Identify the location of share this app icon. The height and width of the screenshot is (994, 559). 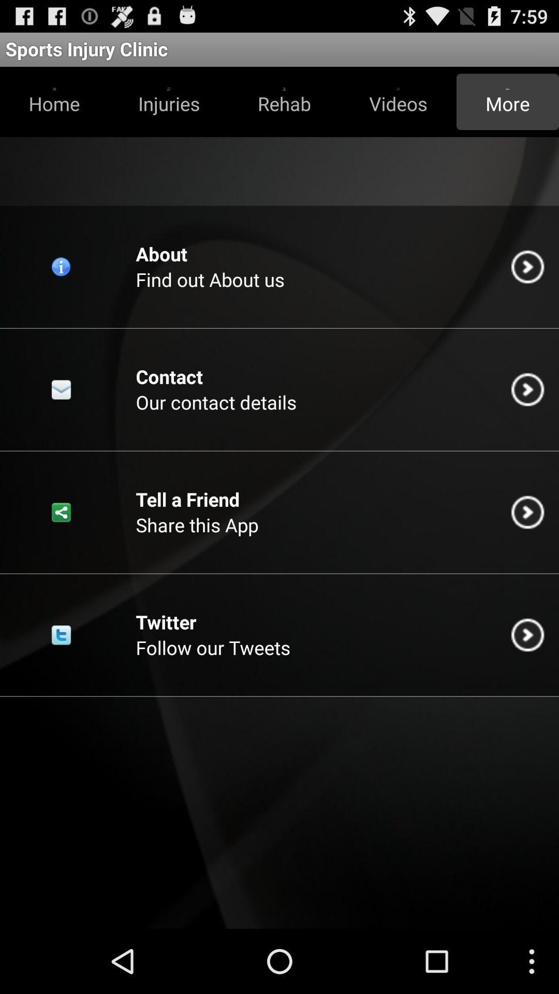
(197, 524).